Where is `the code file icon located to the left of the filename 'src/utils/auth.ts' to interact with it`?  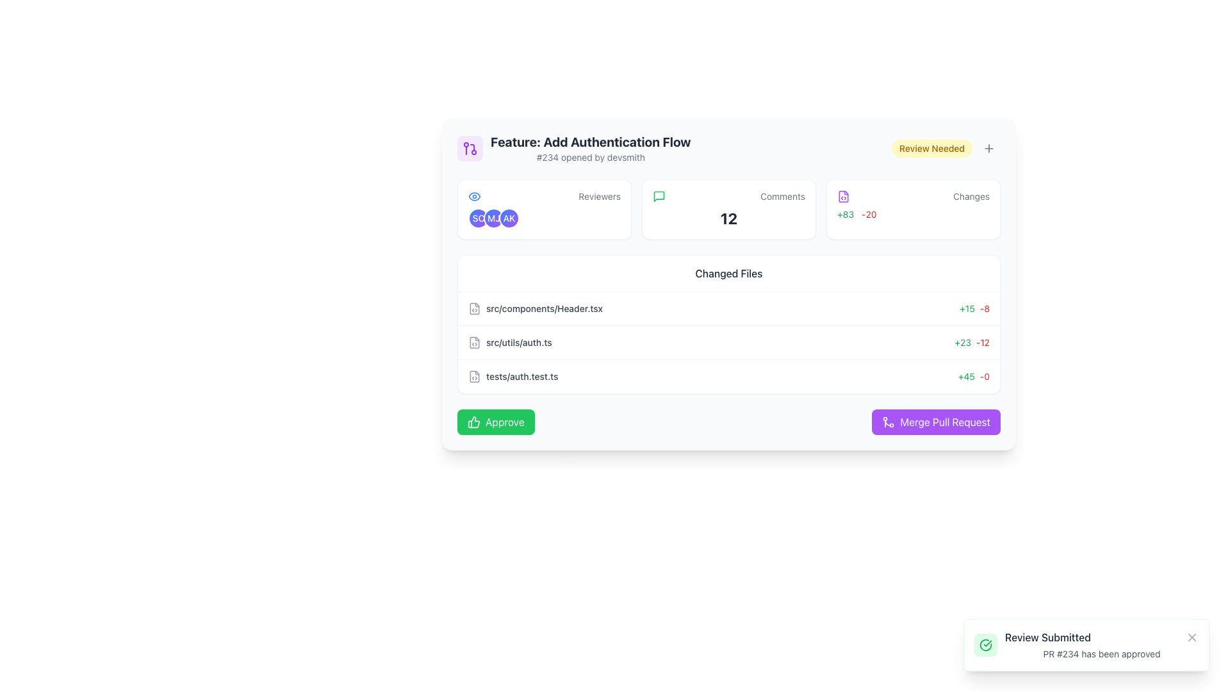 the code file icon located to the left of the filename 'src/utils/auth.ts' to interact with it is located at coordinates (473, 342).